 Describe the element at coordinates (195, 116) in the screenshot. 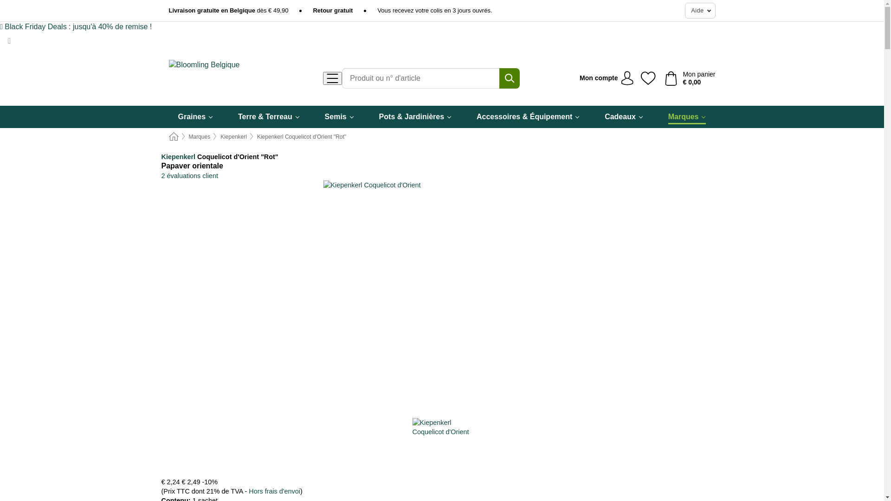

I see `'Graines'` at that location.